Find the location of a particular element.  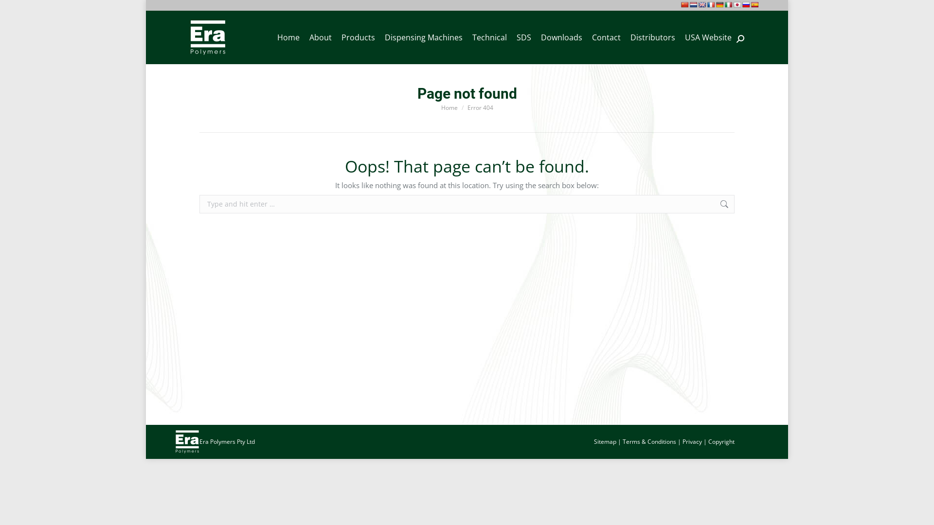

'Go!' is located at coordinates (15, 10).